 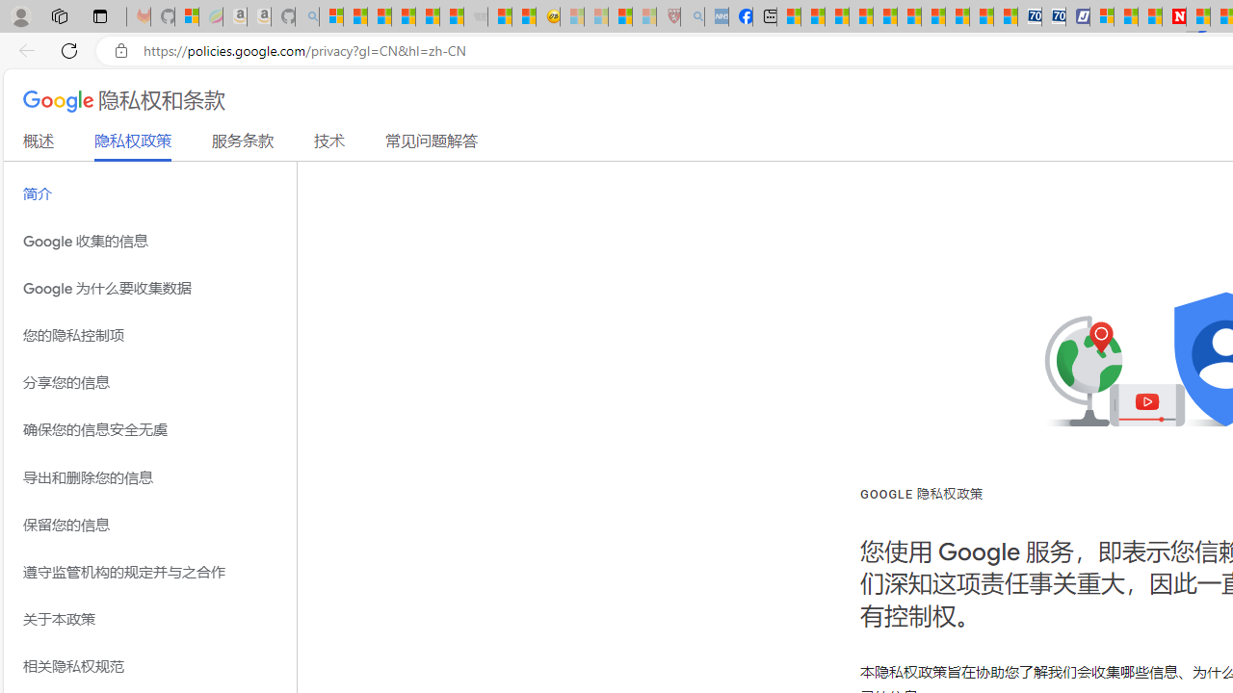 I want to click on 'Cheap Hotels - Save70.com', so click(x=1052, y=16).